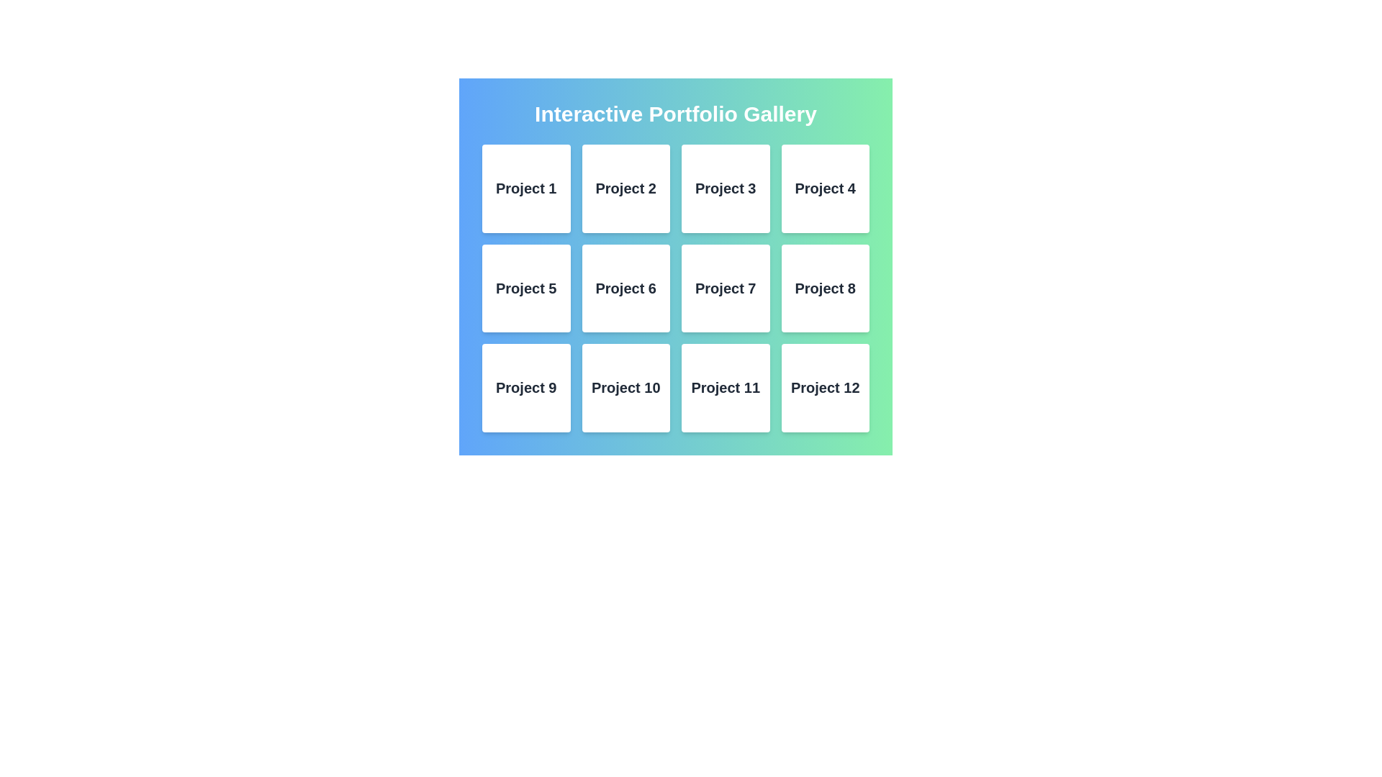  What do you see at coordinates (625, 288) in the screenshot?
I see `the card displaying 'Project 6' in bold black font` at bounding box center [625, 288].